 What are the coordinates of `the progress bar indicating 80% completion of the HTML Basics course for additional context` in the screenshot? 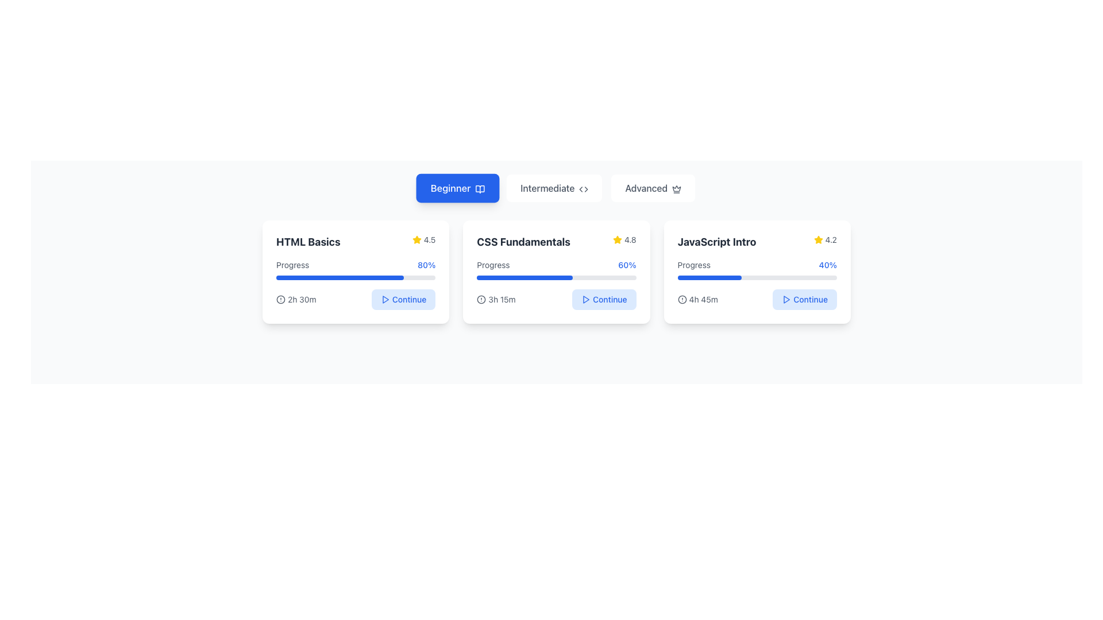 It's located at (355, 277).